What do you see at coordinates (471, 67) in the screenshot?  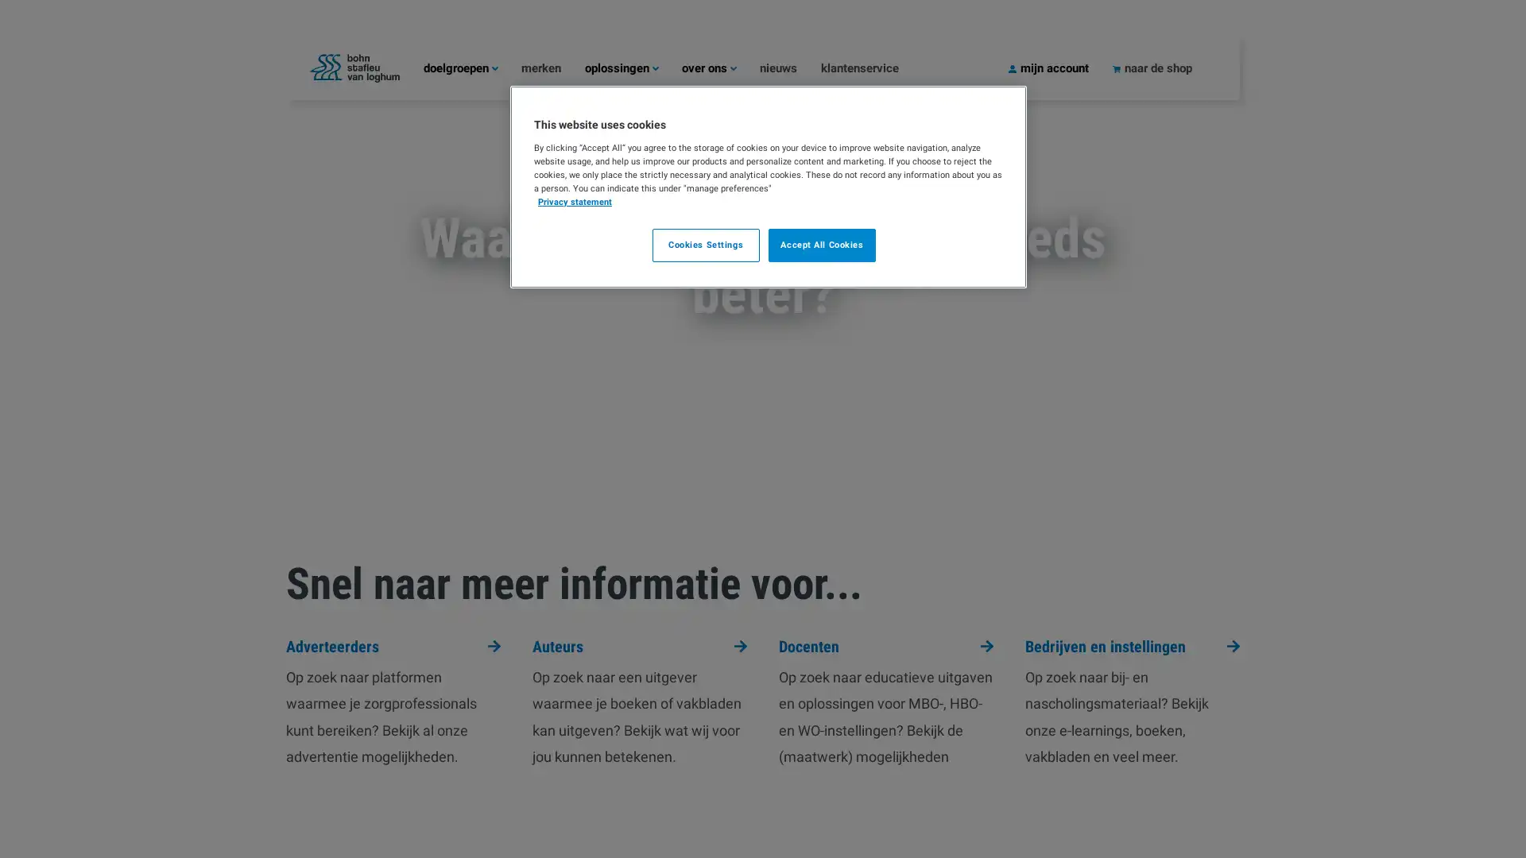 I see `doelgroepen` at bounding box center [471, 67].